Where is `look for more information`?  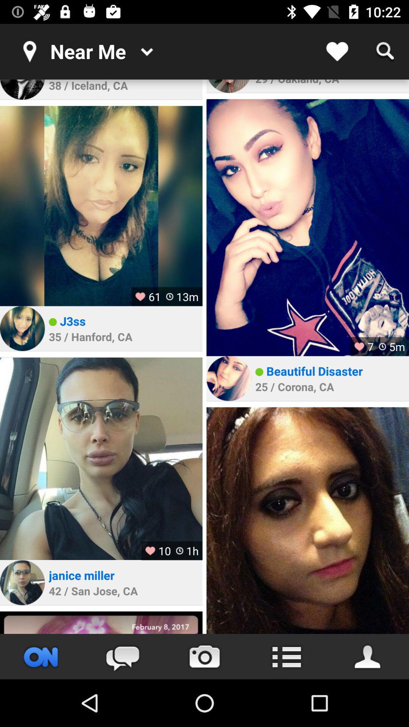
look for more information is located at coordinates (286, 656).